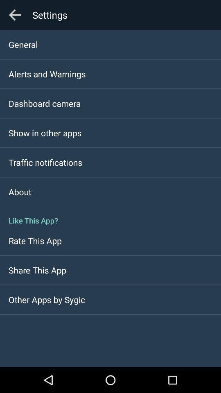  Describe the element at coordinates (45, 103) in the screenshot. I see `the dashboard camera` at that location.